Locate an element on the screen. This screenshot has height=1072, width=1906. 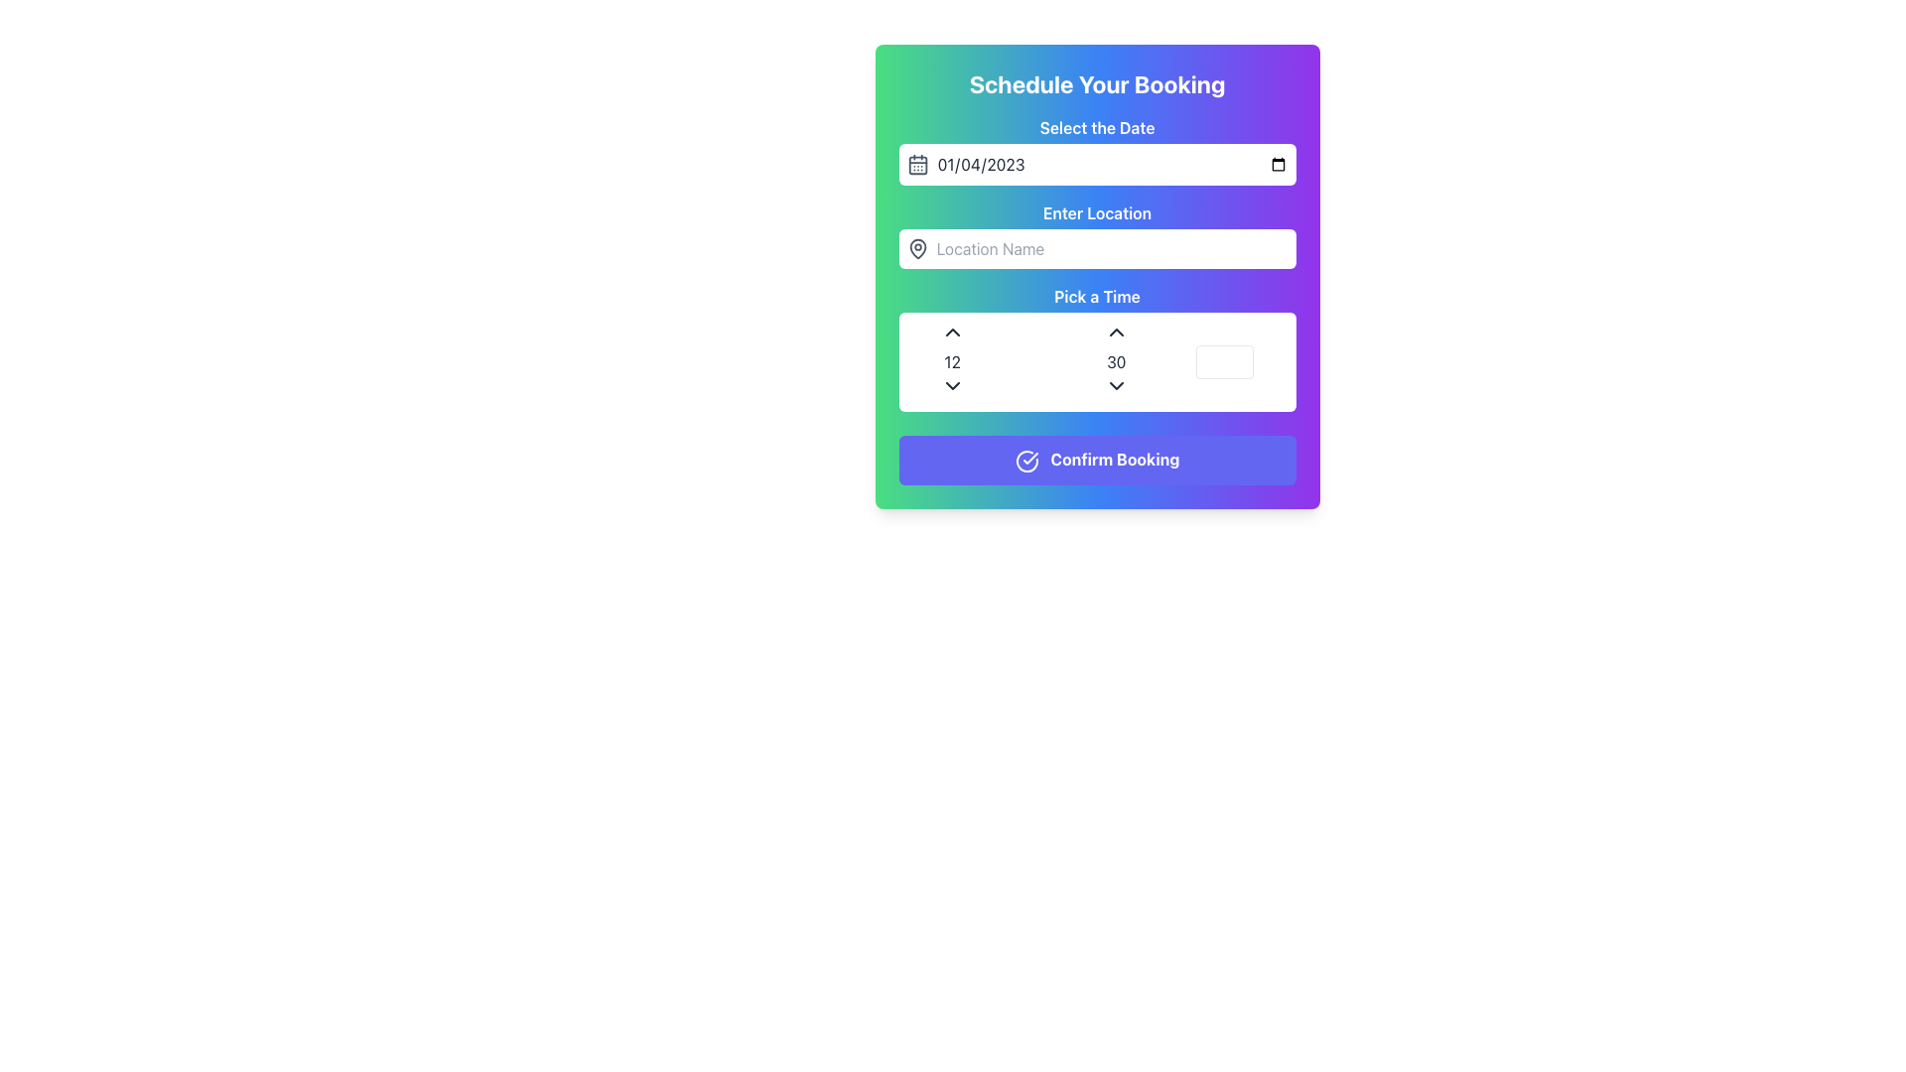
the Text Label that indicates the function of the date input field below it is located at coordinates (1096, 127).